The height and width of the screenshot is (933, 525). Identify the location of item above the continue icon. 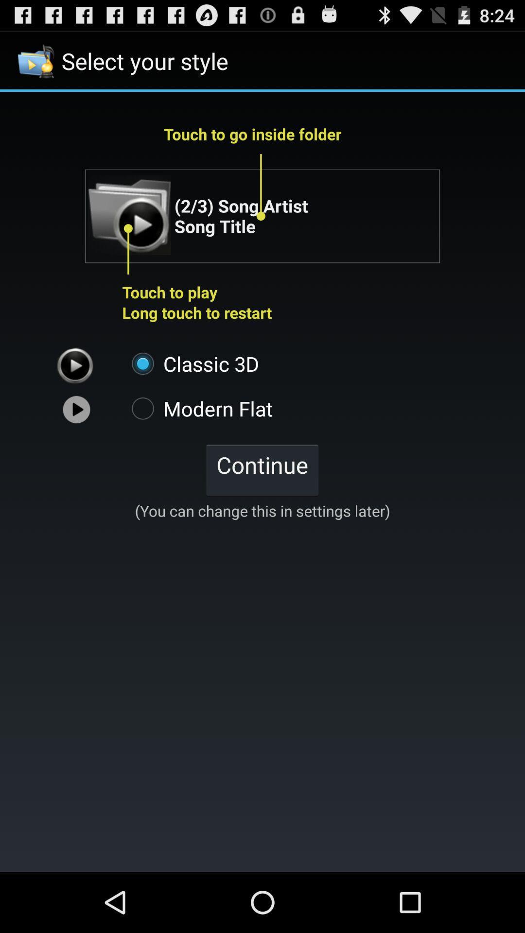
(197, 408).